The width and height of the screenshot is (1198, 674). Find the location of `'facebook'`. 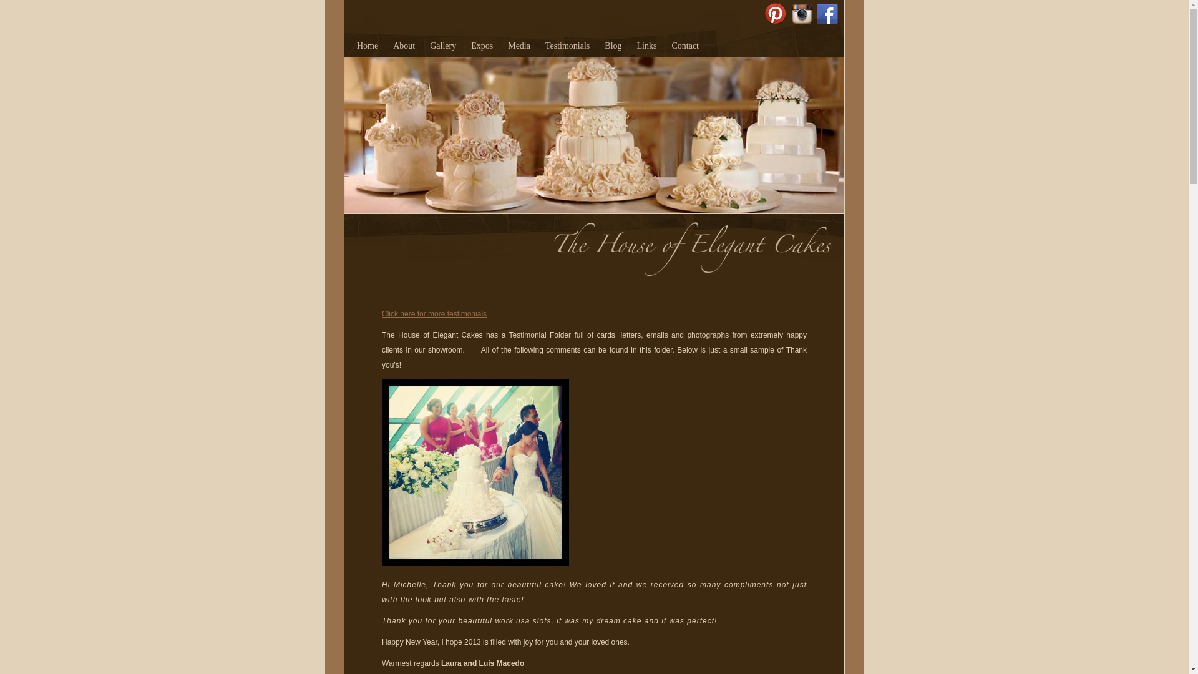

'facebook' is located at coordinates (827, 7).